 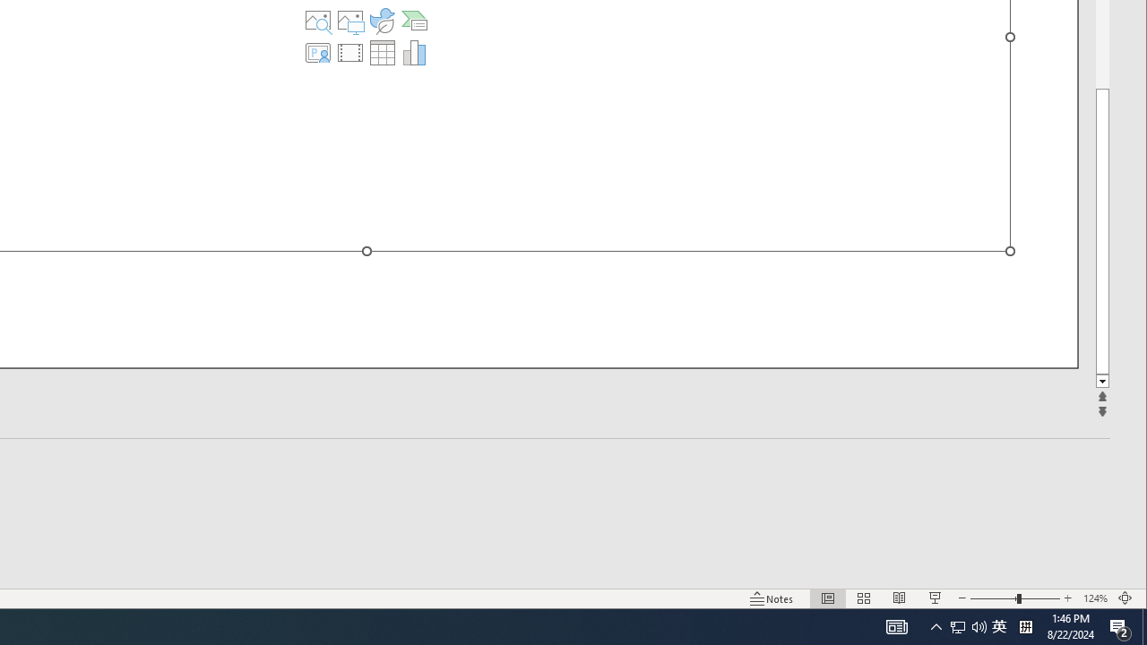 I want to click on 'Normal', so click(x=827, y=598).